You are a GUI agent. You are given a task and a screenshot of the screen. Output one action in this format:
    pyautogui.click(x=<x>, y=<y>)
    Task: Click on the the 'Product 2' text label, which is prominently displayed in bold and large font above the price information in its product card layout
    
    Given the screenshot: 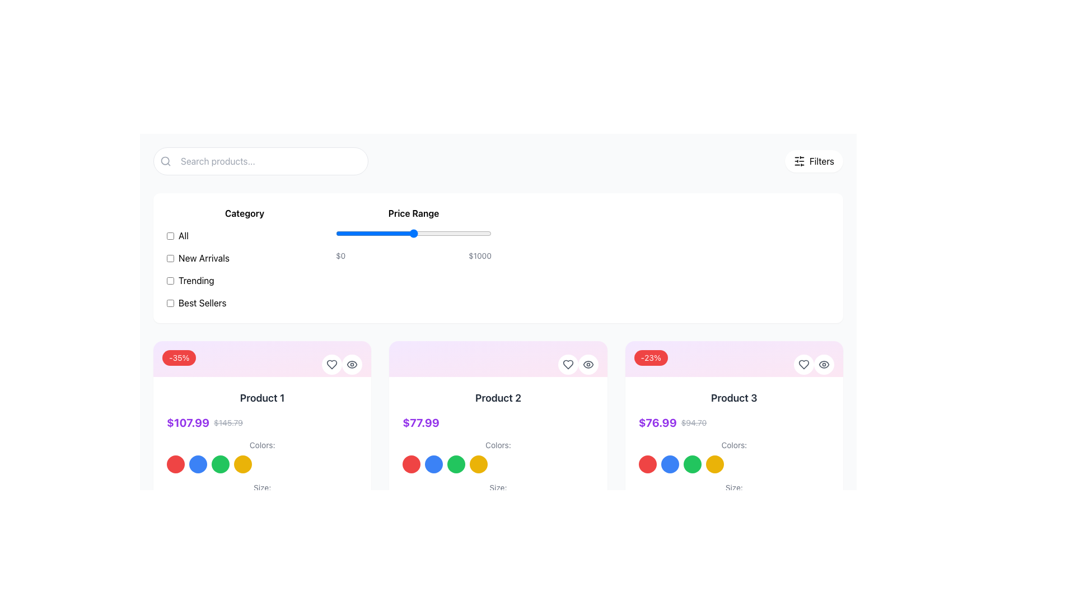 What is the action you would take?
    pyautogui.click(x=497, y=397)
    